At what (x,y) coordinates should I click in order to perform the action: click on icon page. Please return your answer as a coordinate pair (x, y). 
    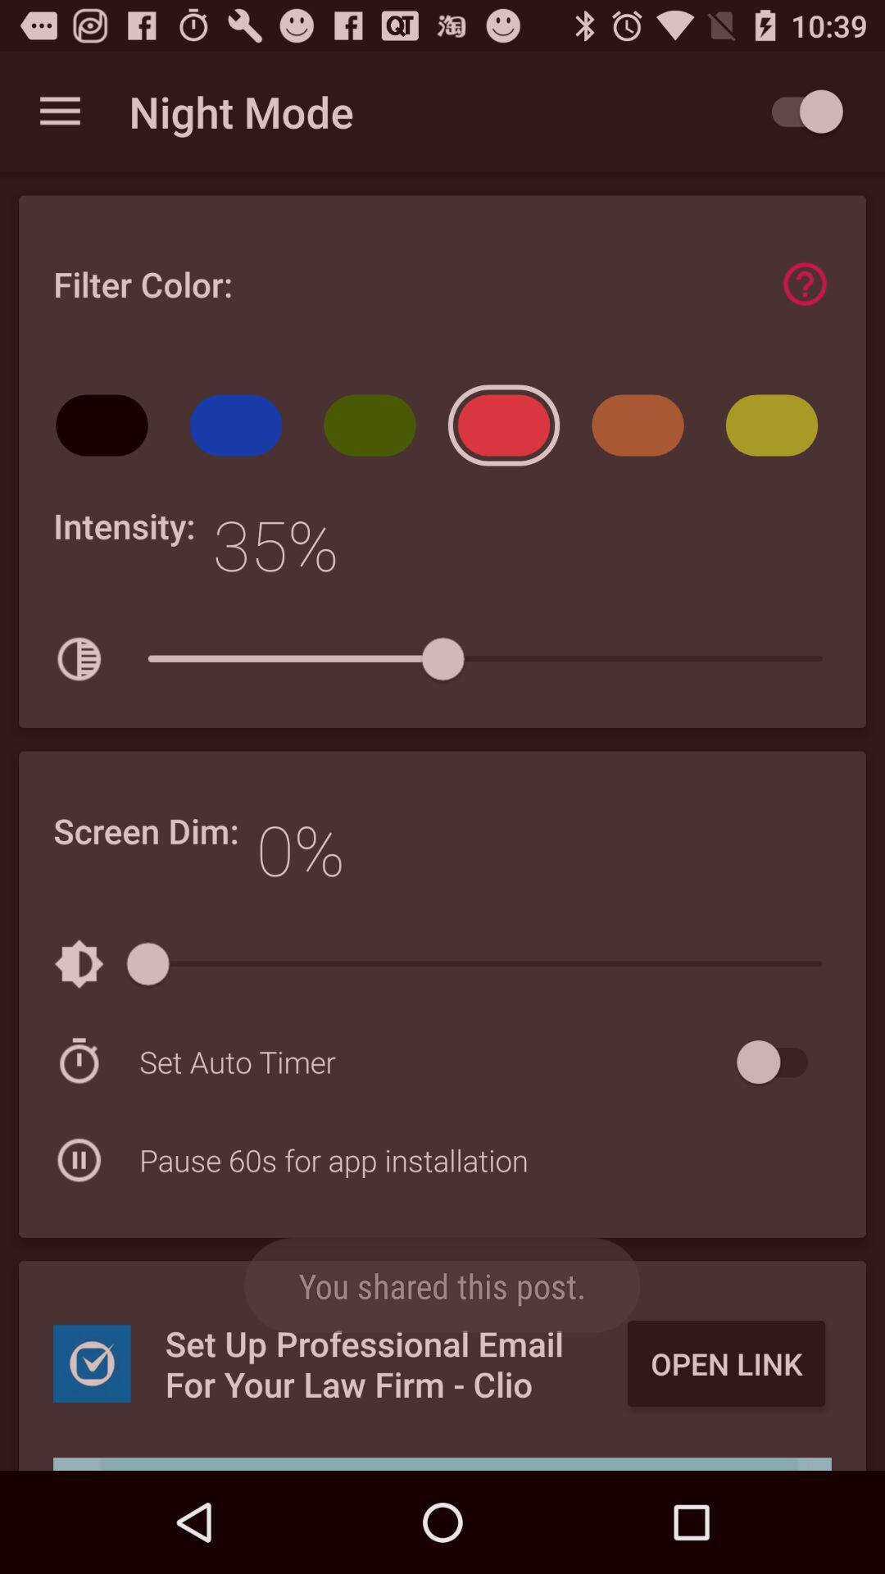
    Looking at the image, I should click on (804, 284).